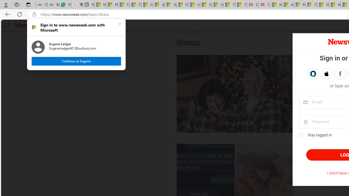 The width and height of the screenshot is (349, 196). Describe the element at coordinates (300, 135) in the screenshot. I see `'Class: checkbox'` at that location.